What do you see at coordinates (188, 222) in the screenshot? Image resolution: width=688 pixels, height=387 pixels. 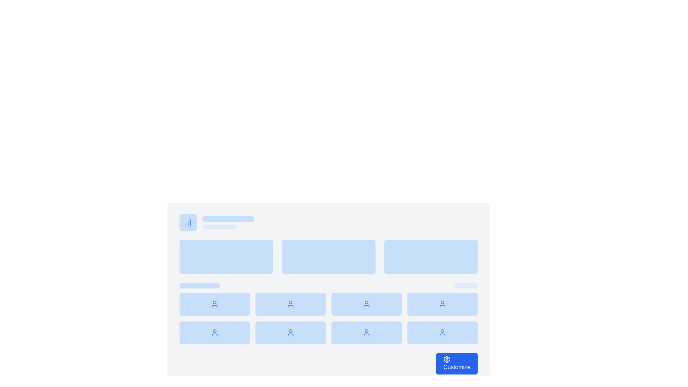 I see `the blue bar chart icon, which is centrally positioned within a light blue rounded square background in the top-left corner of the interface` at bounding box center [188, 222].